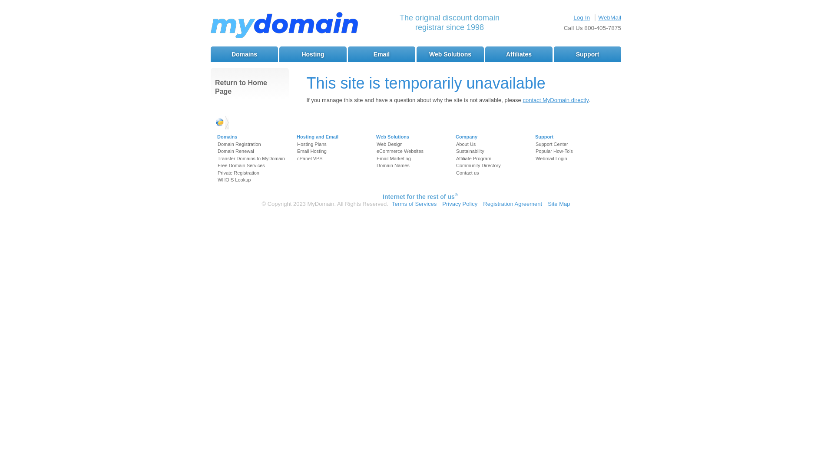 Image resolution: width=834 pixels, height=469 pixels. What do you see at coordinates (279, 54) in the screenshot?
I see `'Hosting'` at bounding box center [279, 54].